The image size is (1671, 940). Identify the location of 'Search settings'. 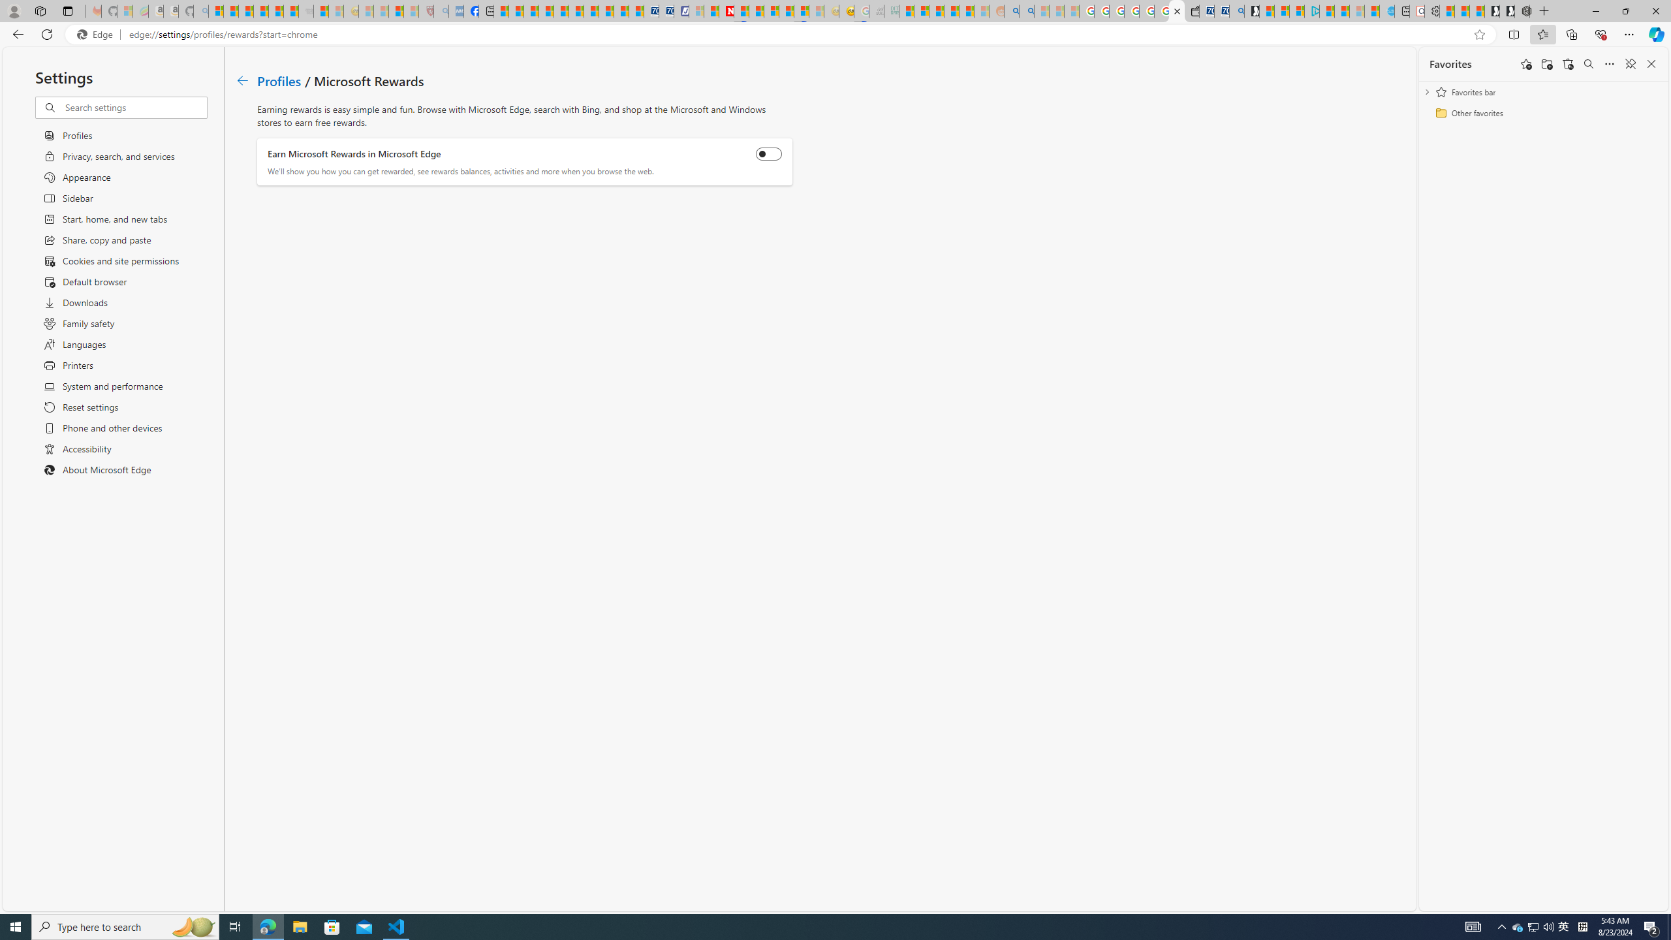
(135, 107).